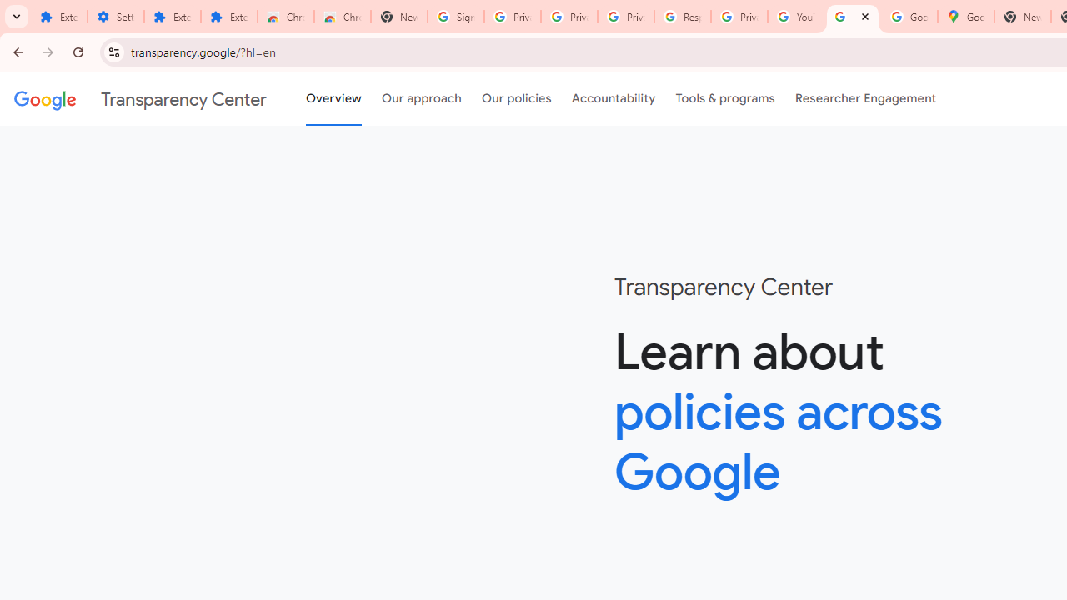  What do you see at coordinates (286, 17) in the screenshot?
I see `'Chrome Web Store'` at bounding box center [286, 17].